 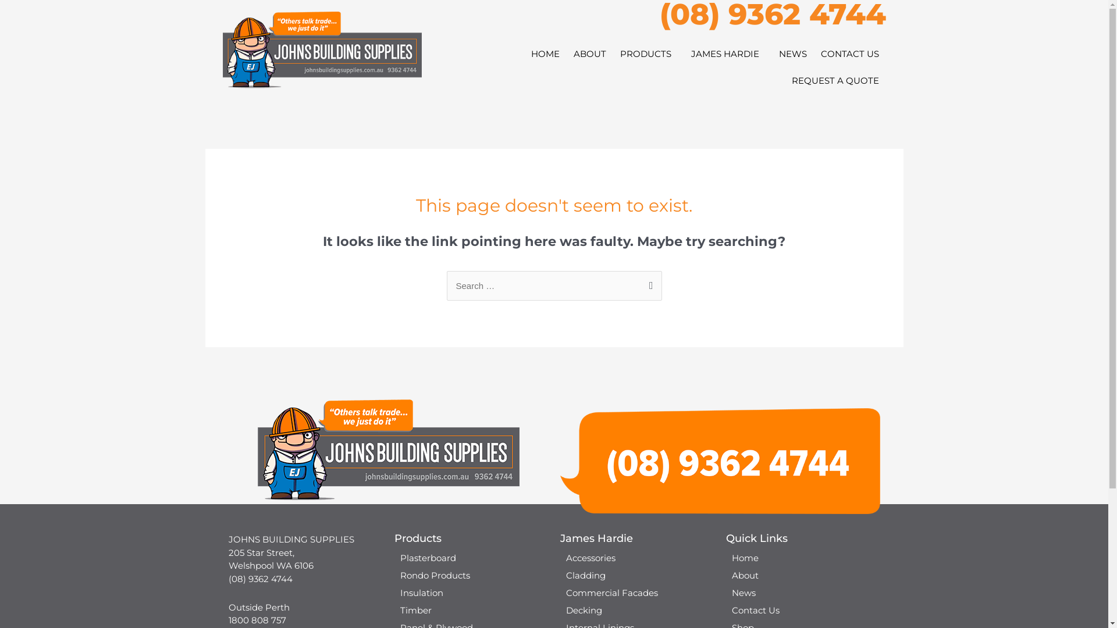 I want to click on 'CONTACT US', so click(x=849, y=53).